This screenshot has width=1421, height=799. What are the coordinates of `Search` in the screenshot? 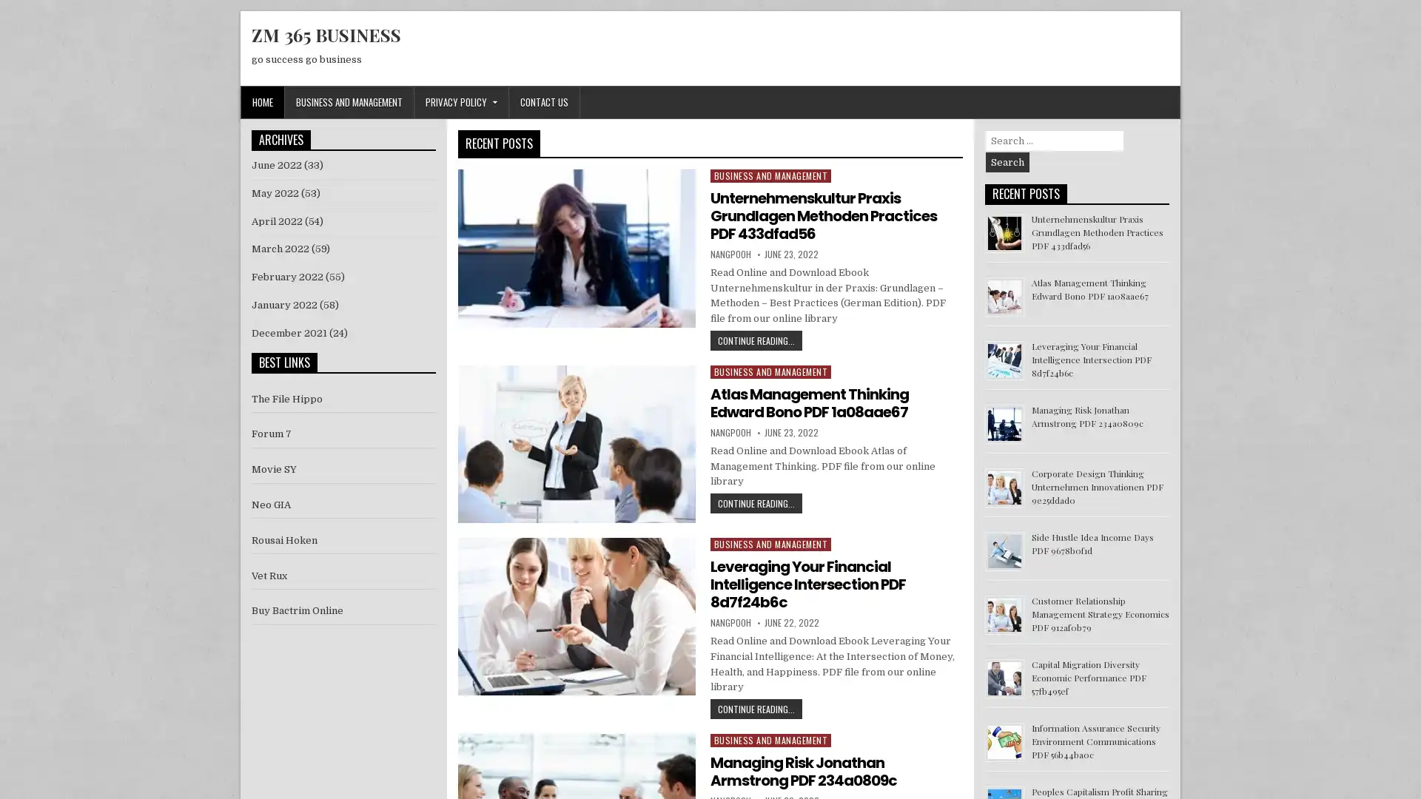 It's located at (1007, 162).